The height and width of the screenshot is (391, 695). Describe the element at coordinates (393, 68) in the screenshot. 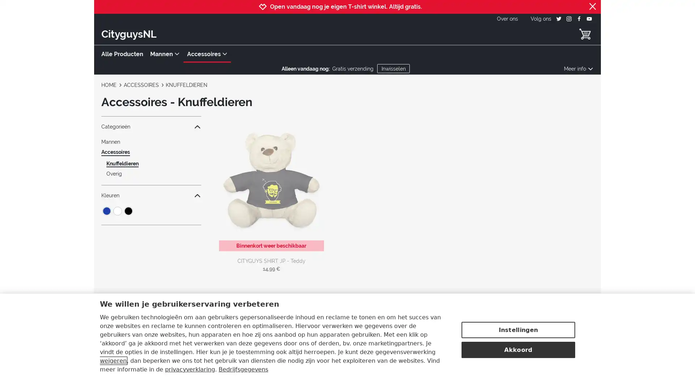

I see `Inwisselen` at that location.